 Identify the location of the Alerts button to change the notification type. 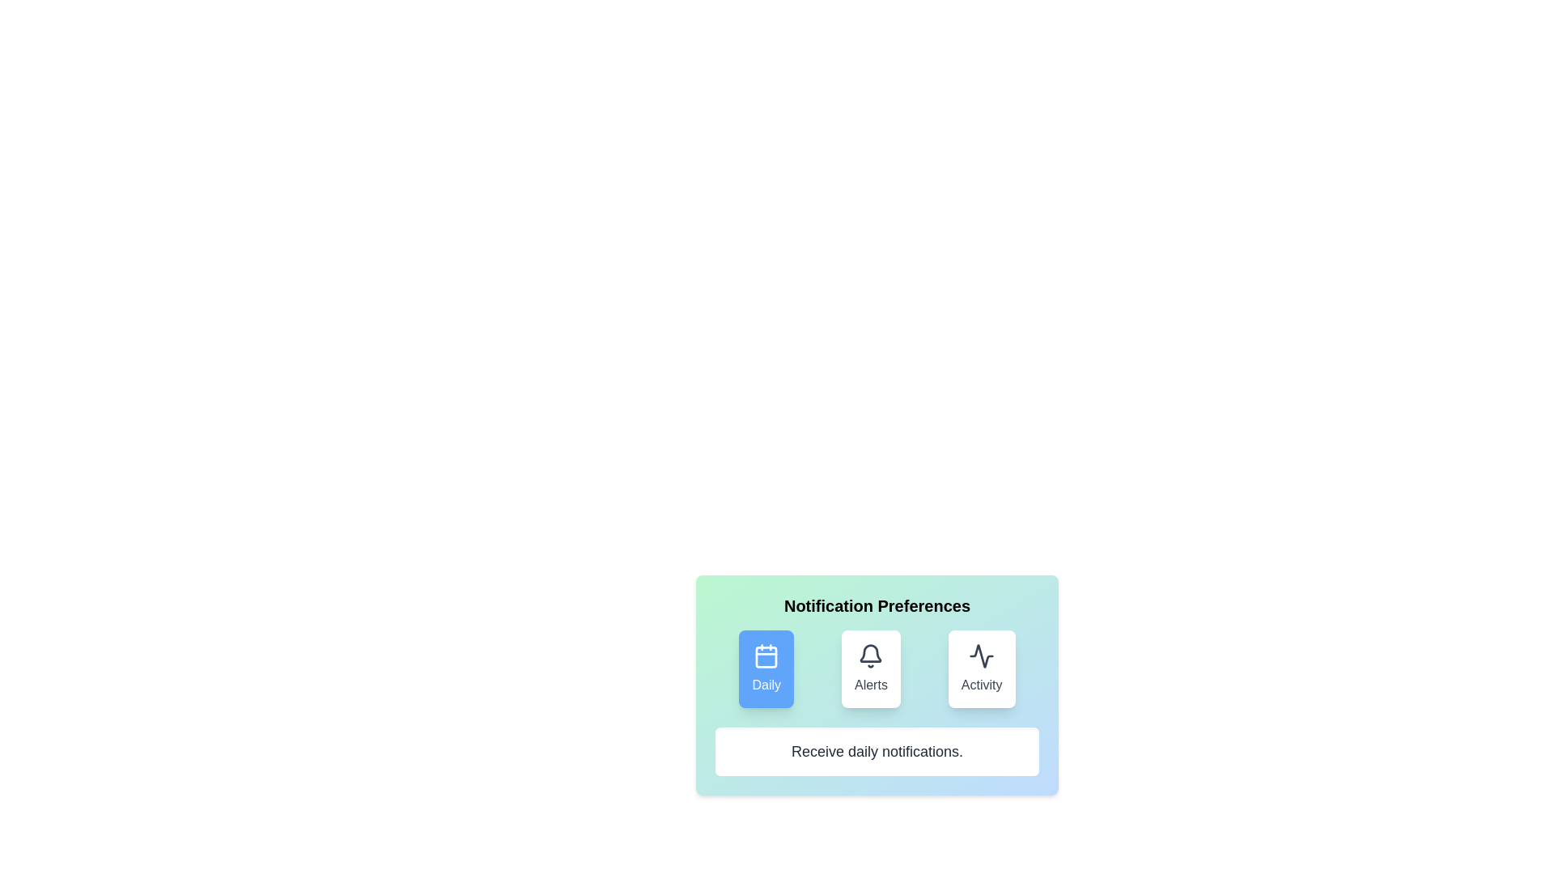
(870, 668).